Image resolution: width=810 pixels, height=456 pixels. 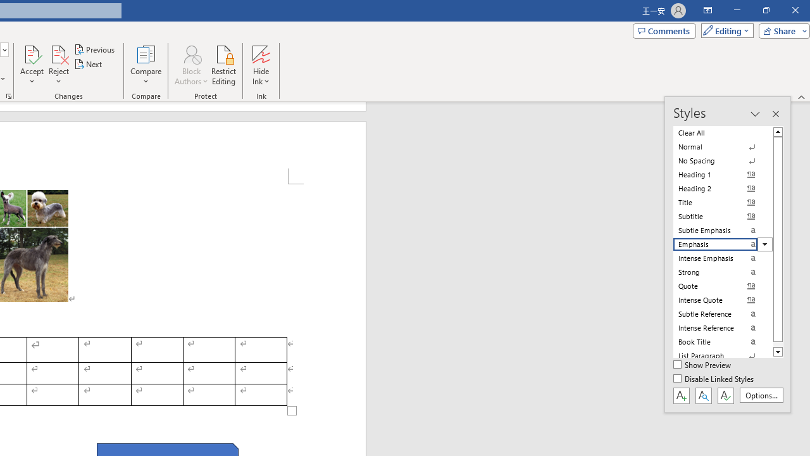 What do you see at coordinates (32, 65) in the screenshot?
I see `'Accept'` at bounding box center [32, 65].